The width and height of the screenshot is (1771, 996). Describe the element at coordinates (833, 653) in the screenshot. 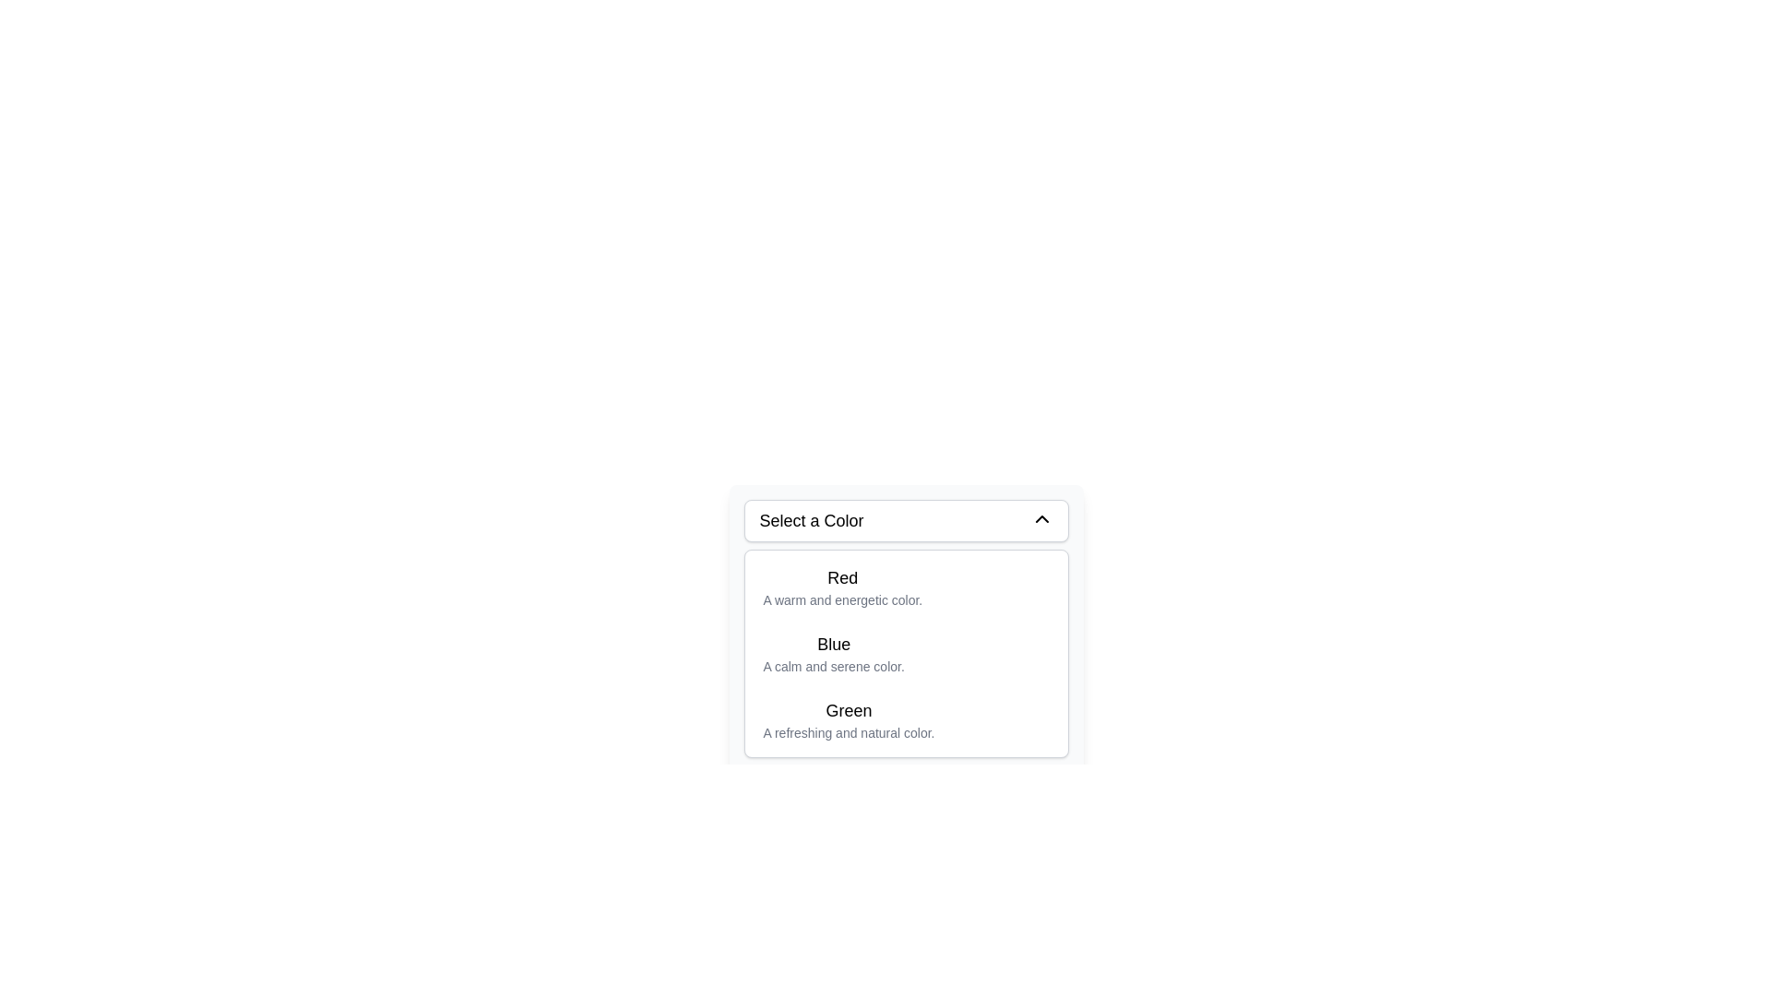

I see `on the list item displaying 'Blue'` at that location.